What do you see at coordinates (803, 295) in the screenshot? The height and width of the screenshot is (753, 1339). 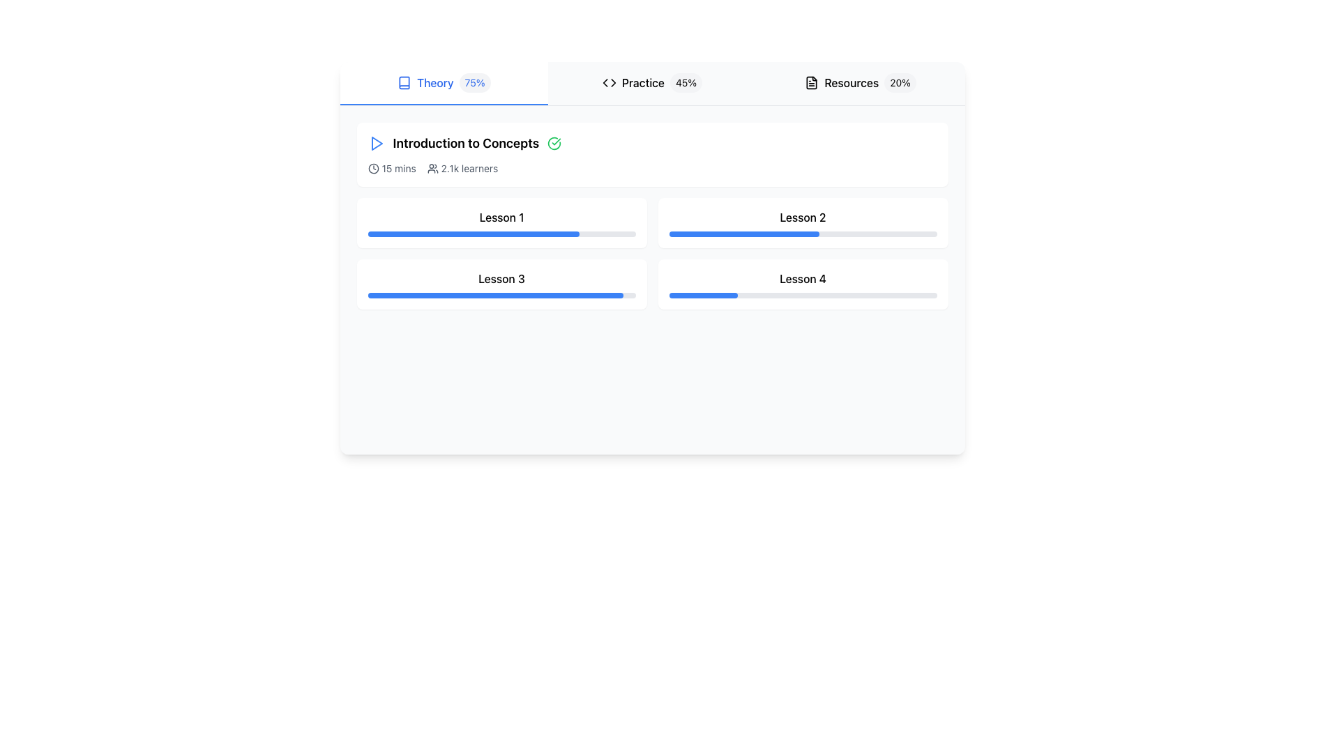 I see `the displayed progress on the progress bar located under the 'Lesson 4' label in the bottom-right quadrant of the layout` at bounding box center [803, 295].